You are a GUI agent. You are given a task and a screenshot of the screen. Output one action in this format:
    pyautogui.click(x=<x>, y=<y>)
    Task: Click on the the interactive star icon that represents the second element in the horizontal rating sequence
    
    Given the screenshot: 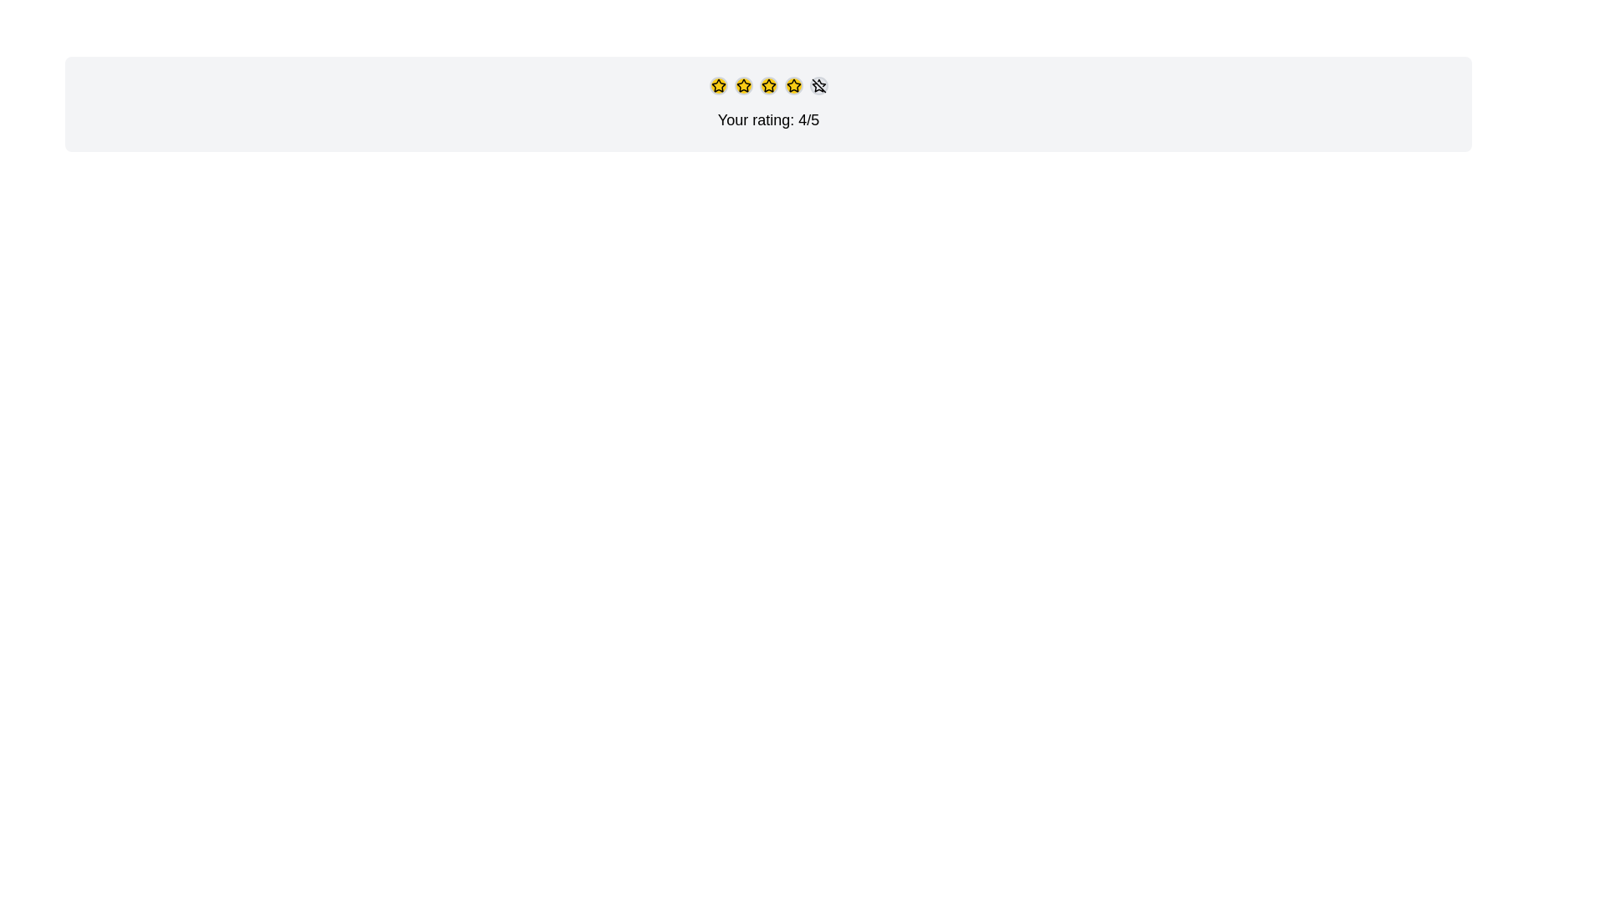 What is the action you would take?
    pyautogui.click(x=742, y=86)
    